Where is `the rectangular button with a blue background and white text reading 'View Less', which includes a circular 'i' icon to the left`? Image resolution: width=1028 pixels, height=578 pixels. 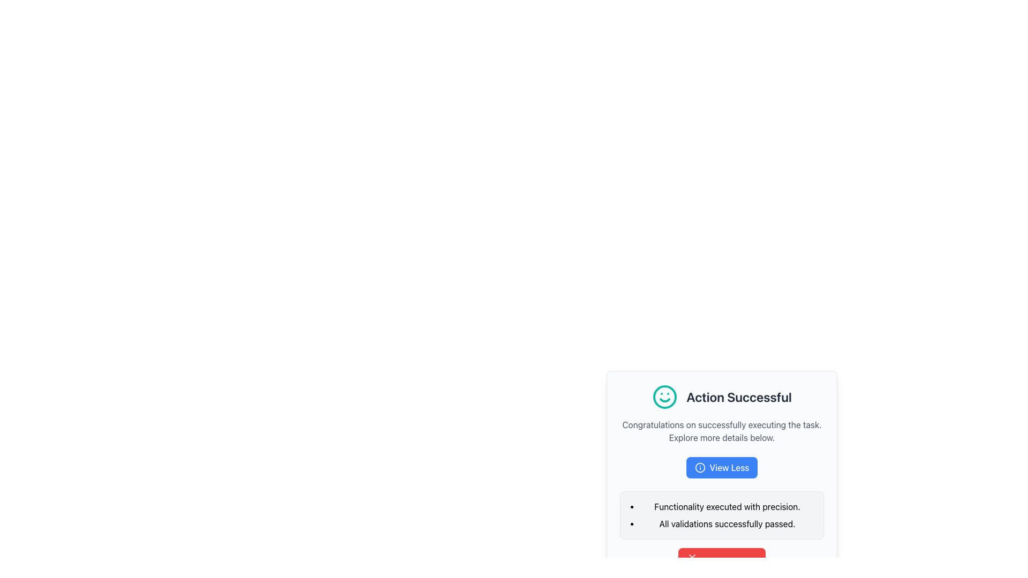 the rectangular button with a blue background and white text reading 'View Less', which includes a circular 'i' icon to the left is located at coordinates (722, 467).